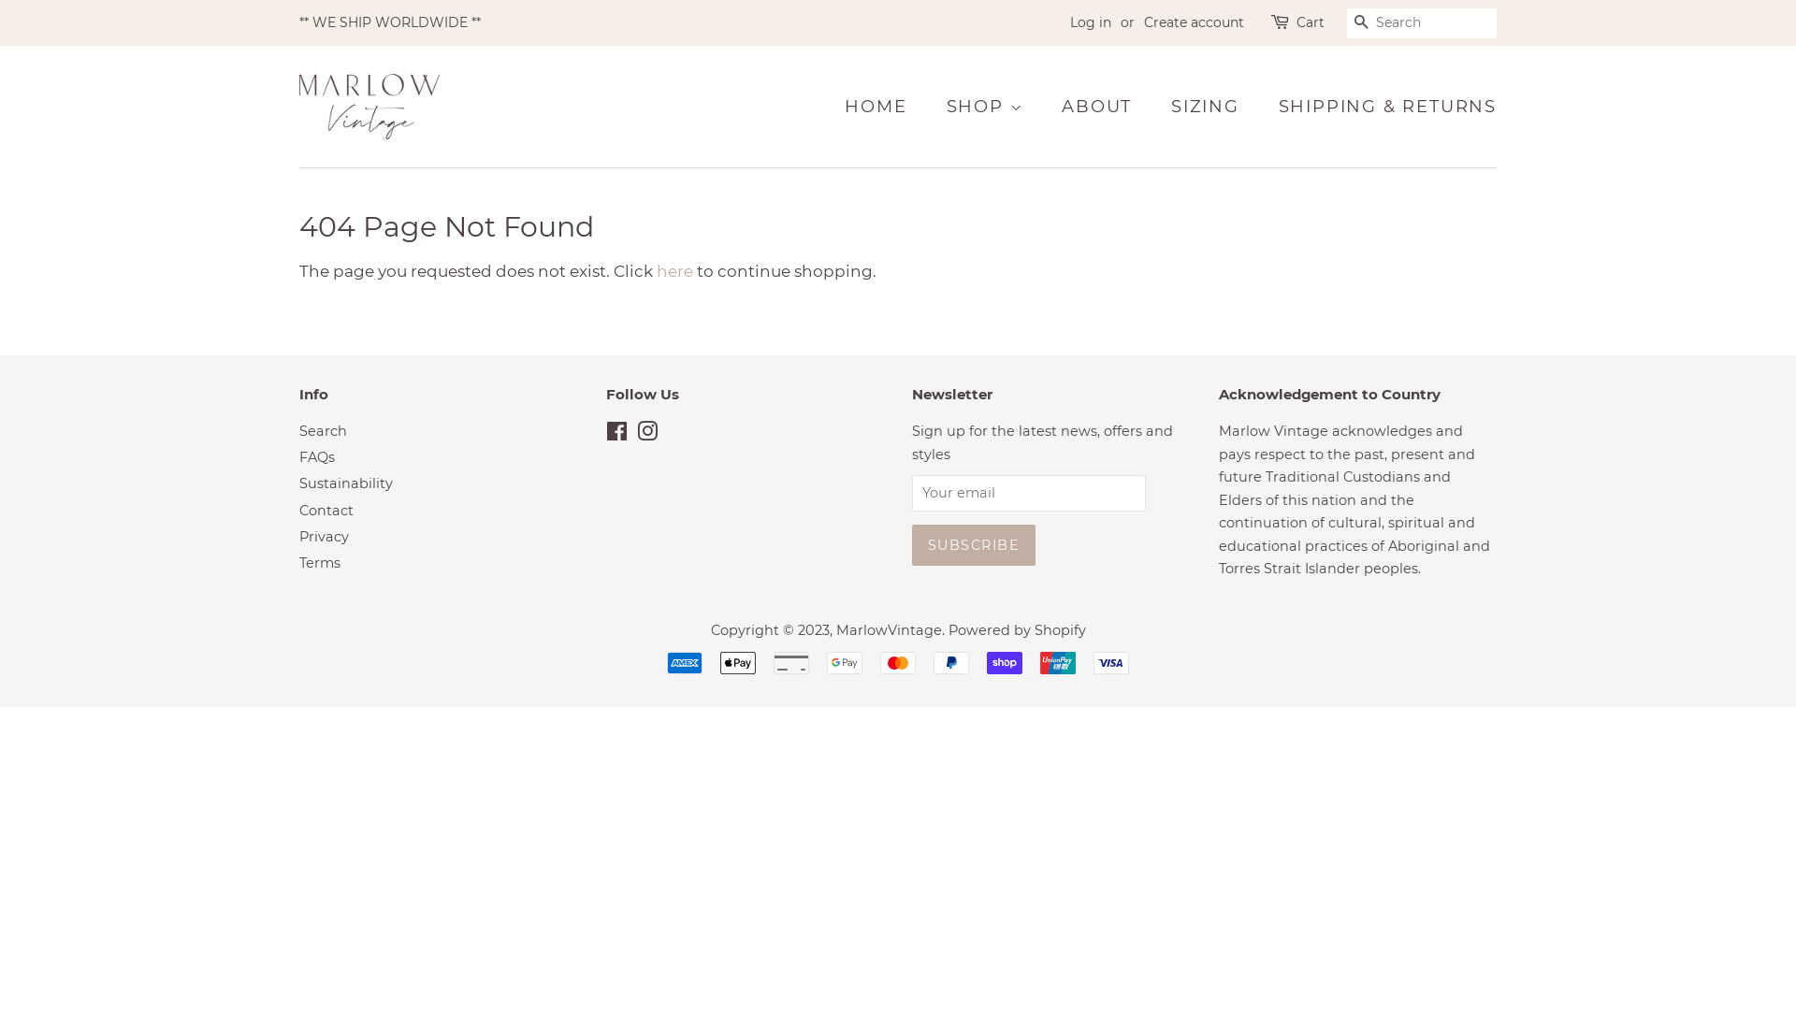  I want to click on 'Powered by Shopify', so click(948, 630).